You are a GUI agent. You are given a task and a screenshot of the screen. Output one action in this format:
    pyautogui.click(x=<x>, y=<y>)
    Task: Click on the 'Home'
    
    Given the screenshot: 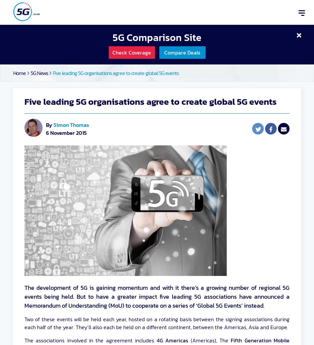 What is the action you would take?
    pyautogui.click(x=19, y=73)
    